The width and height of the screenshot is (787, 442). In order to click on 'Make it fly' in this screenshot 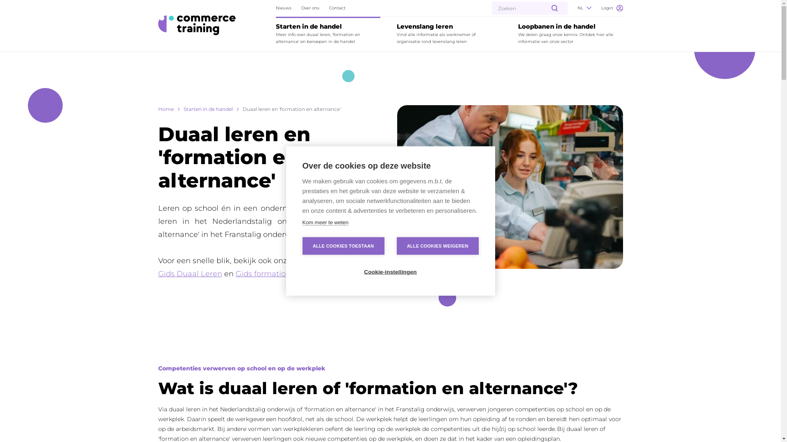, I will do `click(197, 25)`.